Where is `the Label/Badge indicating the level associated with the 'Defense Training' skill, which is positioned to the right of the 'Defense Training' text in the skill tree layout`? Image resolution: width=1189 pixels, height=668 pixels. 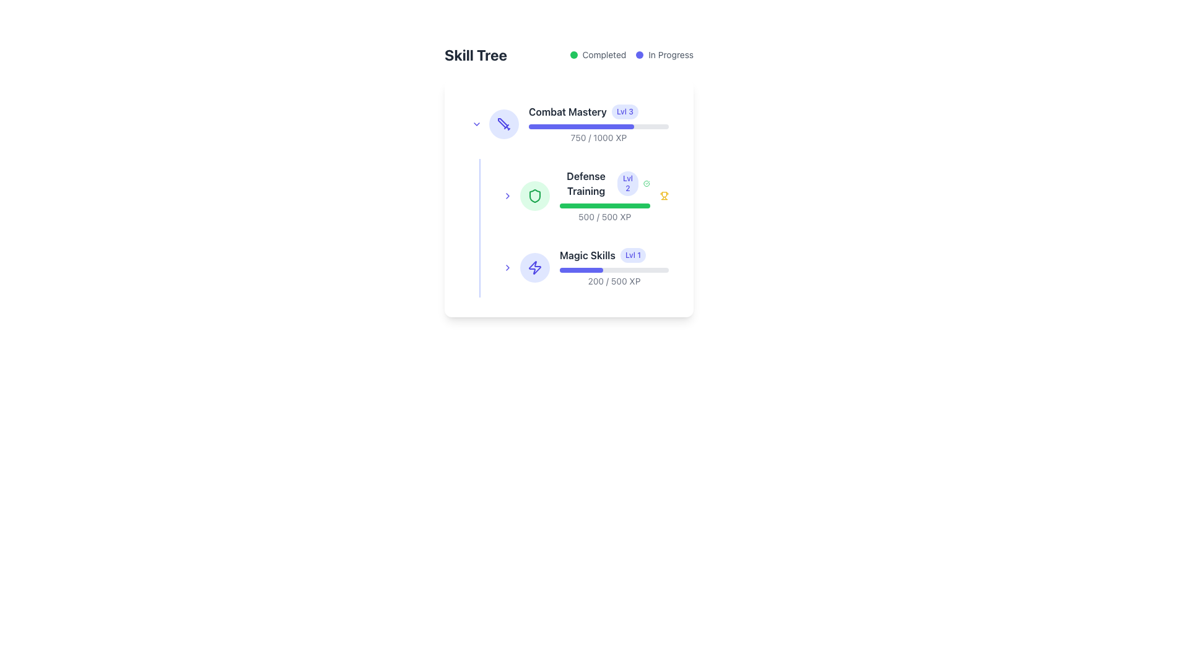
the Label/Badge indicating the level associated with the 'Defense Training' skill, which is positioned to the right of the 'Defense Training' text in the skill tree layout is located at coordinates (628, 184).